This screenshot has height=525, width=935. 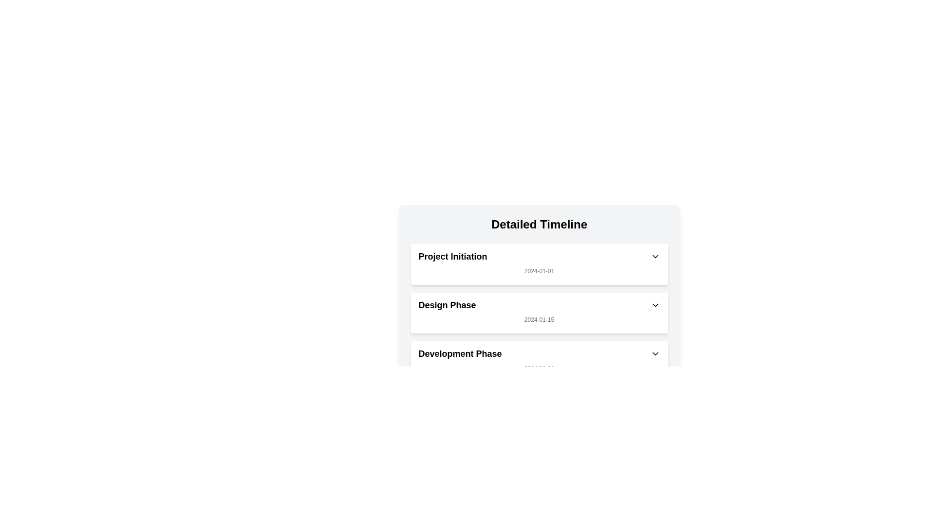 What do you see at coordinates (539, 313) in the screenshot?
I see `within the 'Detailed Timeline' list` at bounding box center [539, 313].